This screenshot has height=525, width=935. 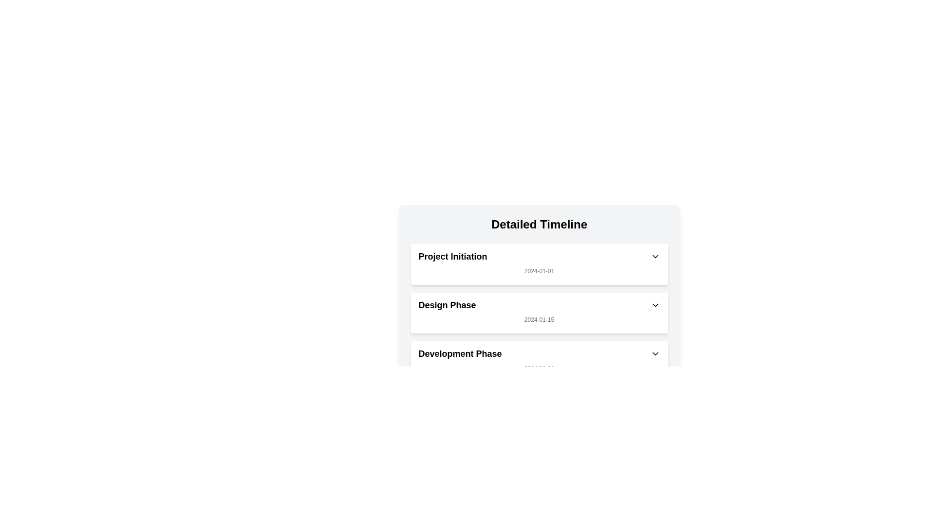 What do you see at coordinates (539, 313) in the screenshot?
I see `within the 'Detailed Timeline' list` at bounding box center [539, 313].